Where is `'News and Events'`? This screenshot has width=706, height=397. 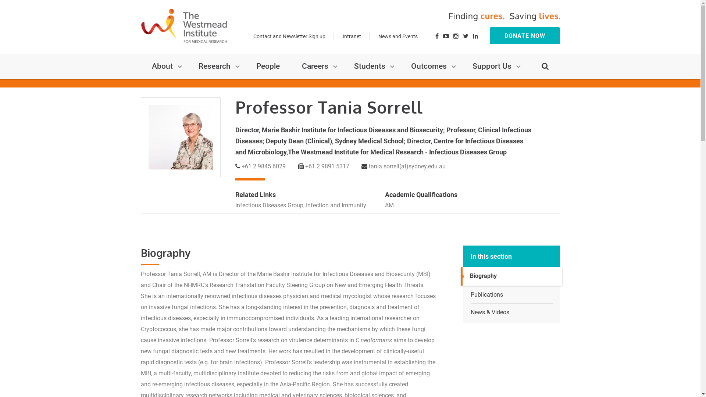
'News and Events' is located at coordinates (397, 36).